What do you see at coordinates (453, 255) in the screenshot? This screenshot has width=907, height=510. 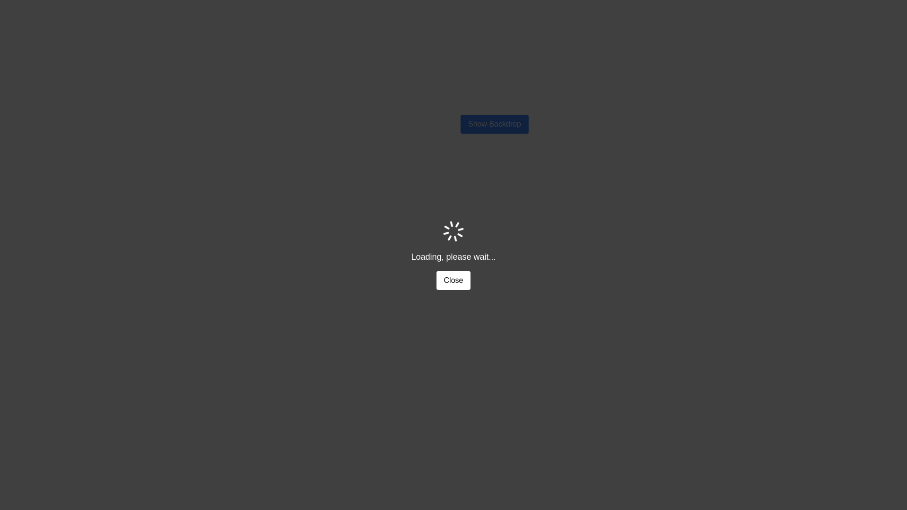 I see `the TextBlock that displays 'Loading, please wait...' located centrally in the modal overlay, between the loader icon and the close button` at bounding box center [453, 255].